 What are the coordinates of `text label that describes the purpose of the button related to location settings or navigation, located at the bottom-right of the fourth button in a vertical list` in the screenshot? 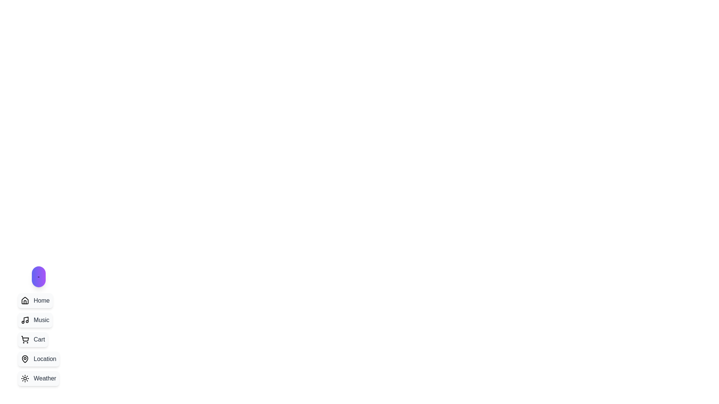 It's located at (45, 359).